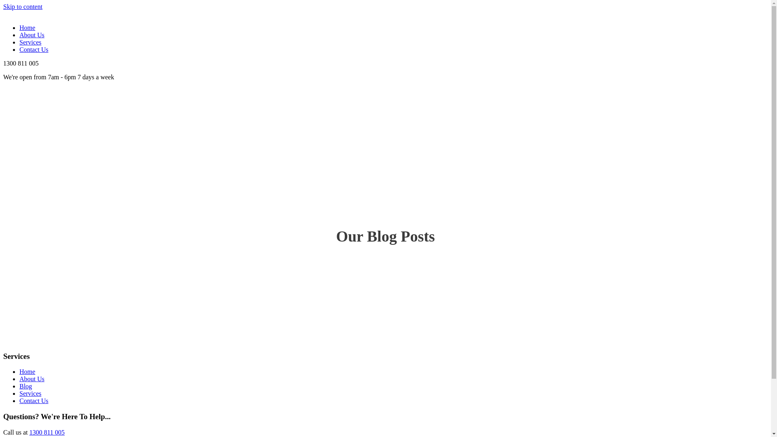  Describe the element at coordinates (46, 432) in the screenshot. I see `'1300 811 005'` at that location.